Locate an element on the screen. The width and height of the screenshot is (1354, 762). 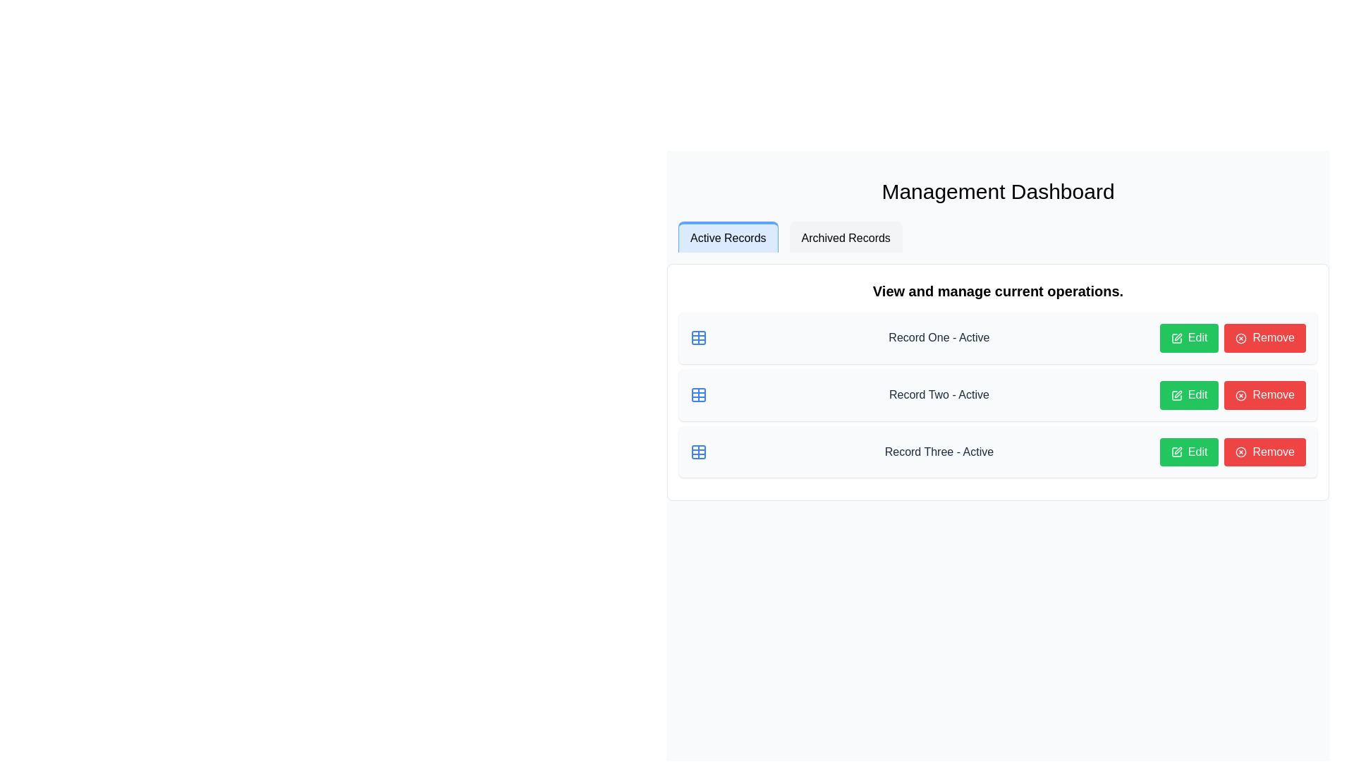
the 'Remove' button located to the right of the 'Edit' button in the list item for 'Record One - Active' is located at coordinates (1265, 338).